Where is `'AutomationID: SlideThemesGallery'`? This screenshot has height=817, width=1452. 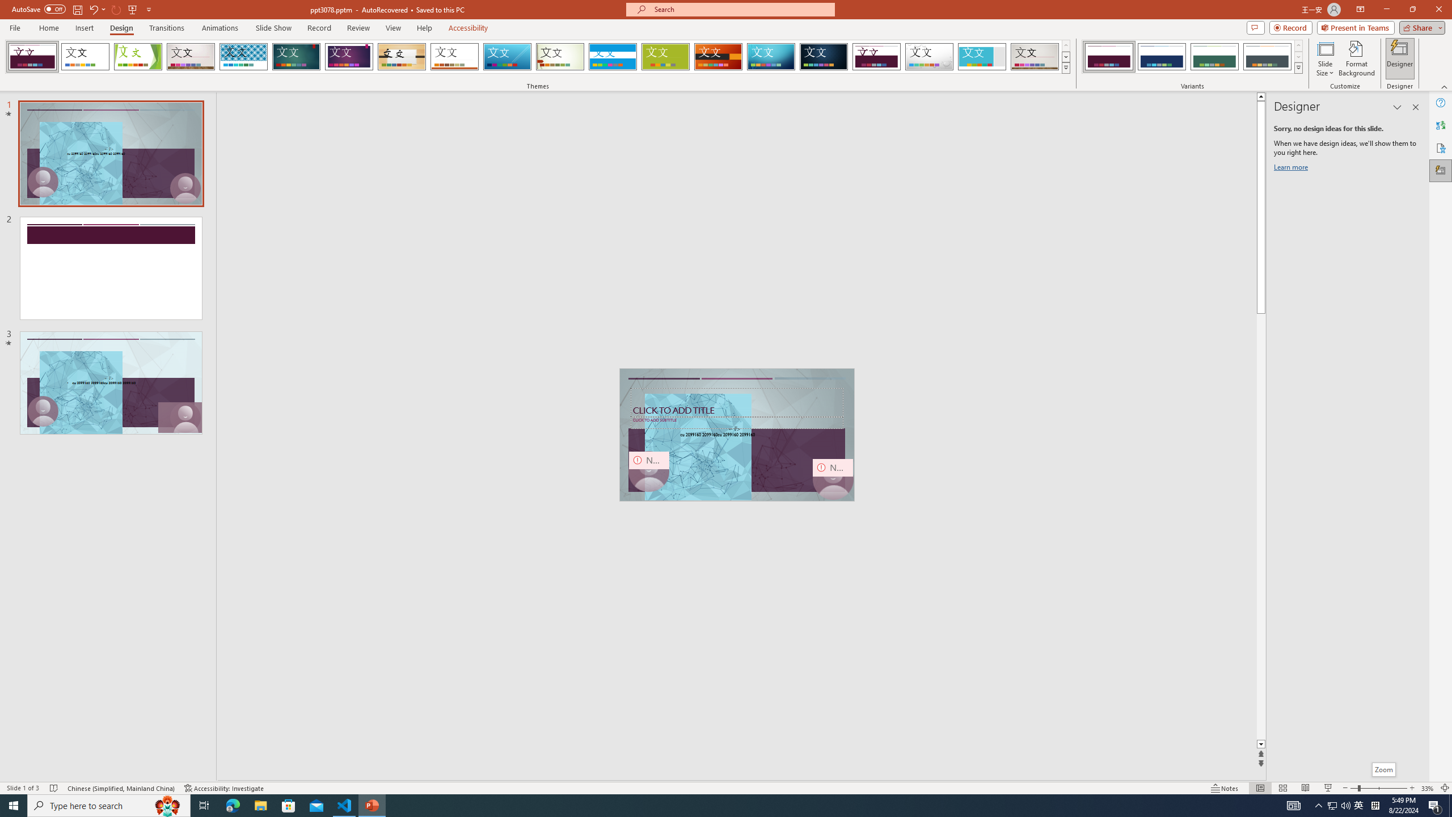 'AutomationID: SlideThemesGallery' is located at coordinates (537, 56).